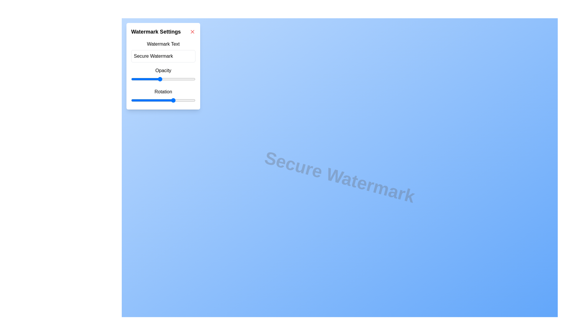 The image size is (566, 318). What do you see at coordinates (163, 56) in the screenshot?
I see `the text input field for the watermark, which is positioned below the 'Watermark Text' label, to focus on it` at bounding box center [163, 56].